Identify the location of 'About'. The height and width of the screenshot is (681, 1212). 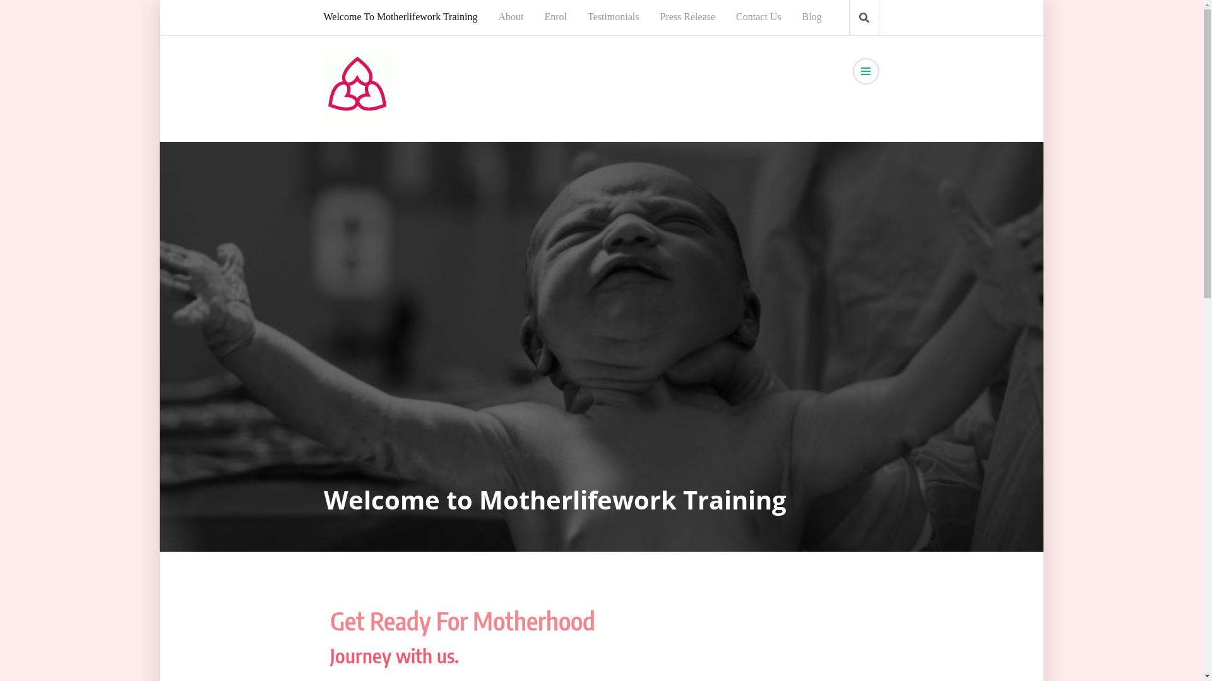
(511, 17).